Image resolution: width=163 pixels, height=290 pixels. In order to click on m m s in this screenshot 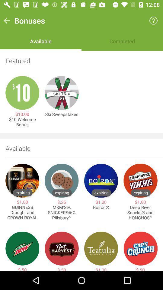, I will do `click(61, 213)`.